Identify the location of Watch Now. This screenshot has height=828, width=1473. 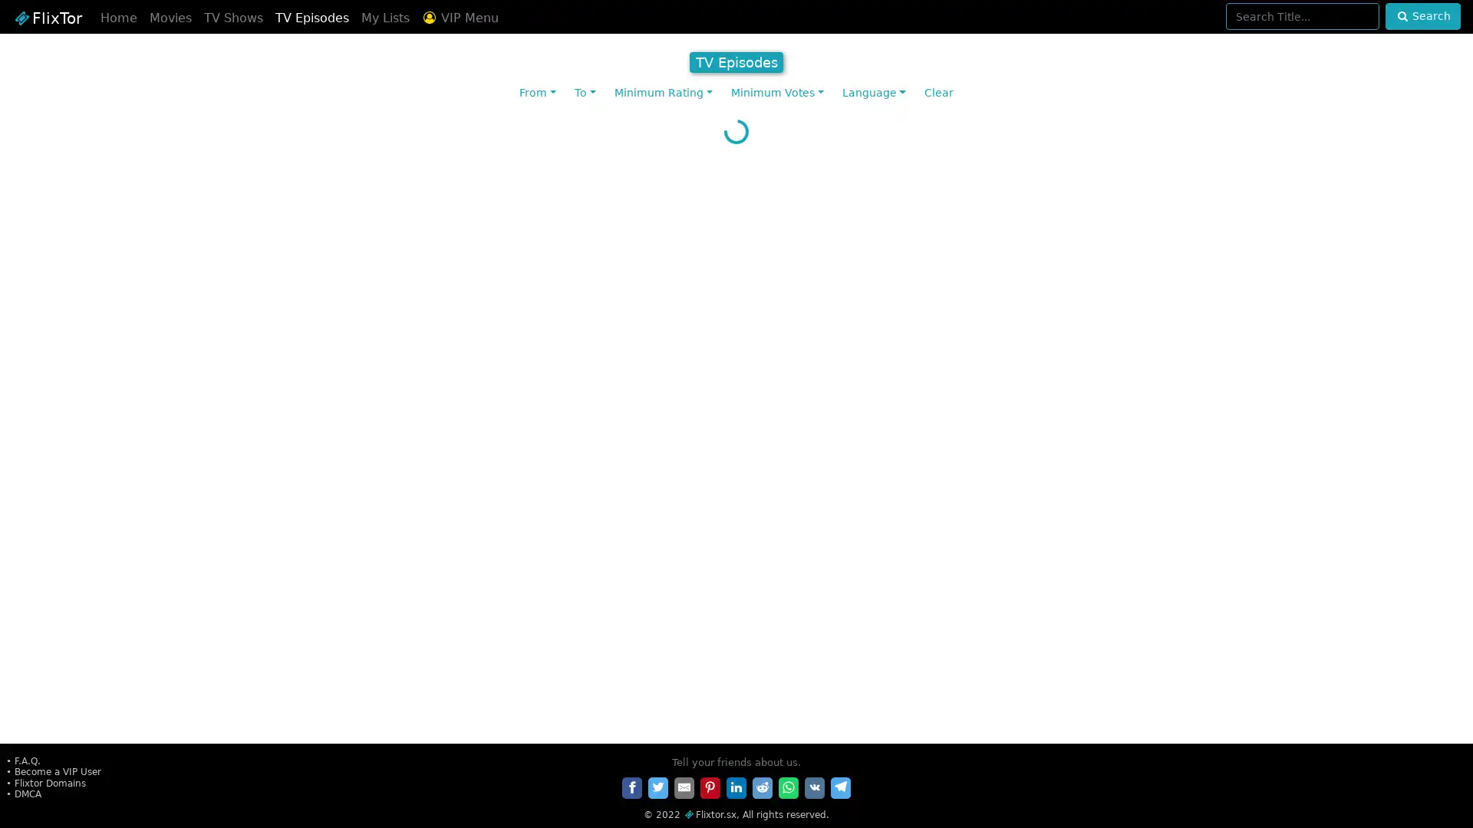
(1348, 529).